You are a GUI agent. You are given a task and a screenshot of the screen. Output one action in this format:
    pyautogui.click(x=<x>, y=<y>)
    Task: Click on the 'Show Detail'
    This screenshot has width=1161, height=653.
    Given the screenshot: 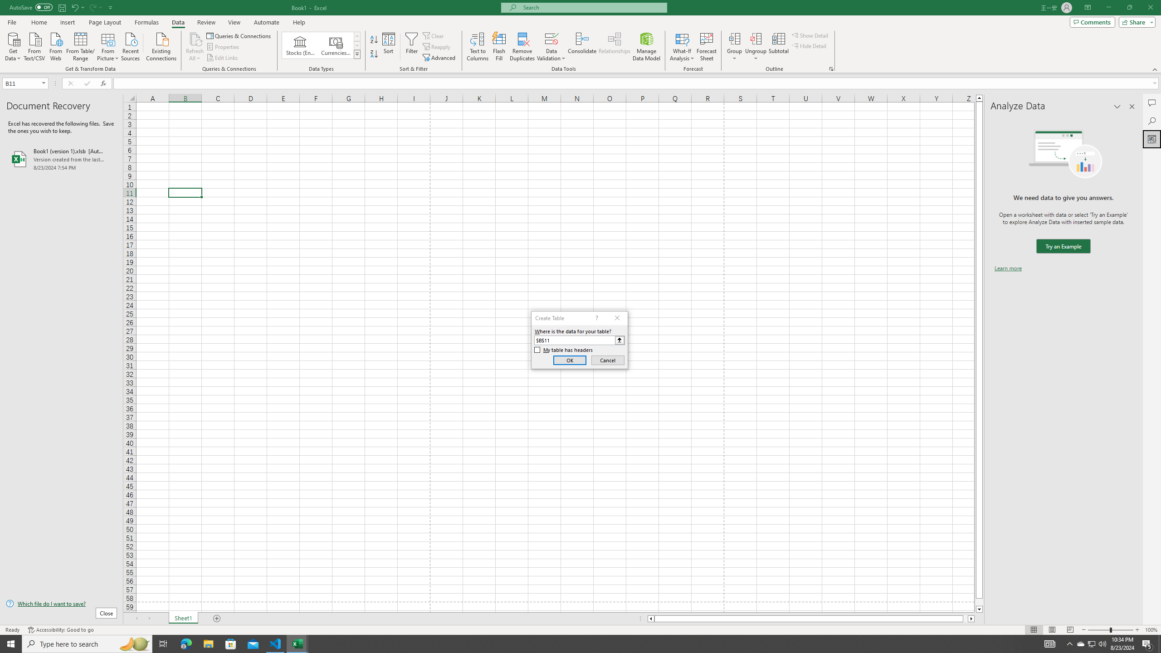 What is the action you would take?
    pyautogui.click(x=810, y=35)
    